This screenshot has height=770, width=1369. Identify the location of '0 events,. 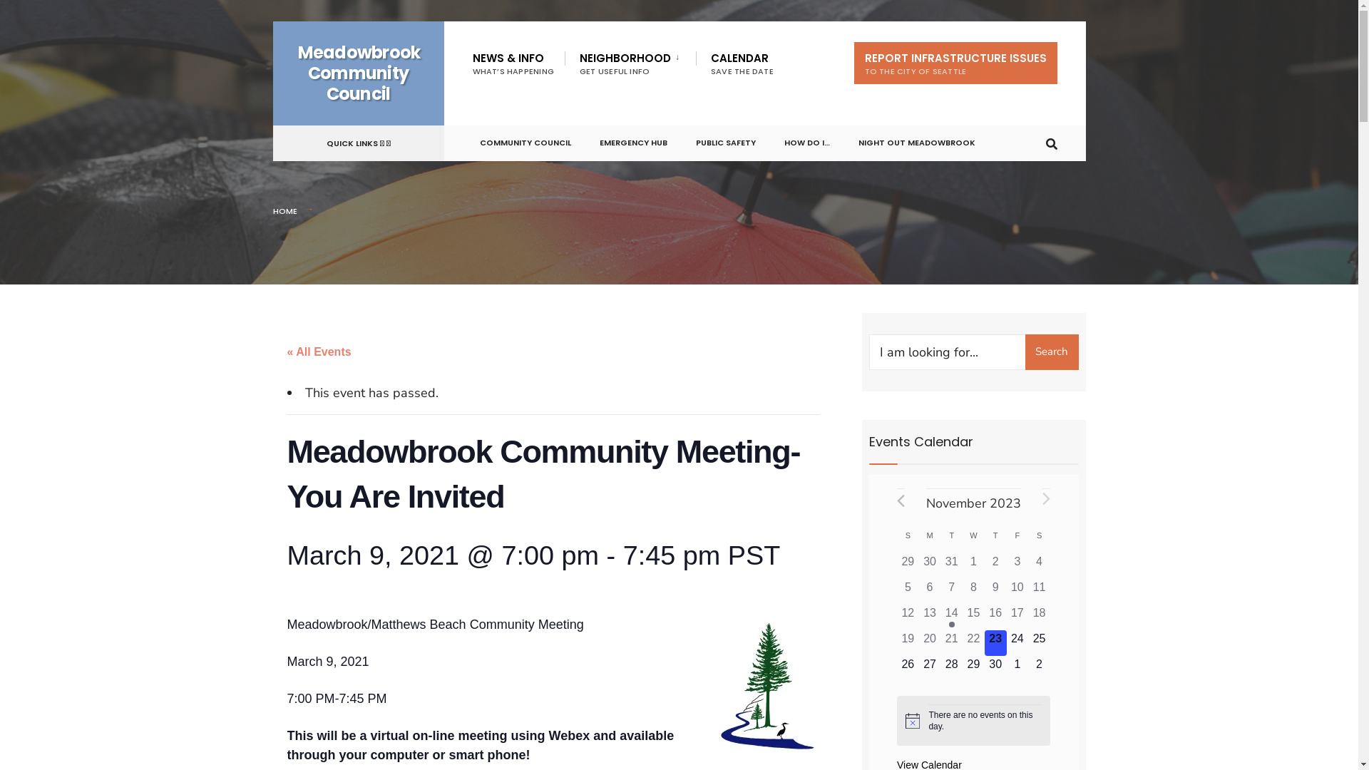
(962, 565).